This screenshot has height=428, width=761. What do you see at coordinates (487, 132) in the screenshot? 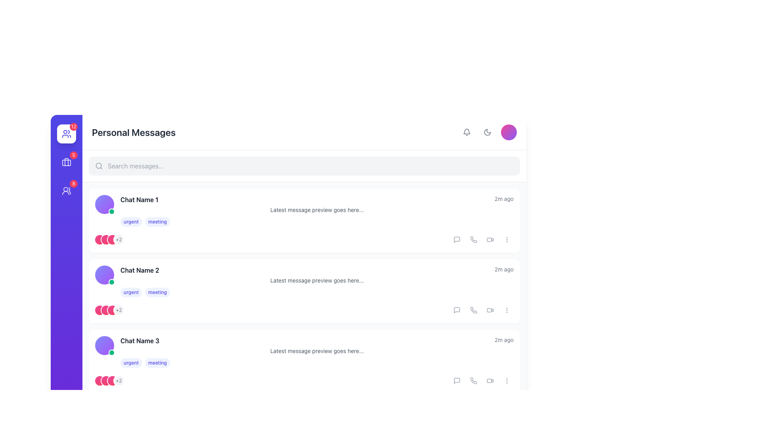
I see `the moon-shaped icon located near the upper-right corner of the interface` at bounding box center [487, 132].